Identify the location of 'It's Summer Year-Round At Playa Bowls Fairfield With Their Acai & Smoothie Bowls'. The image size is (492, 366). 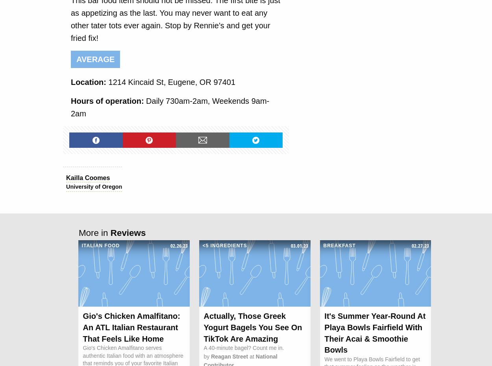
(324, 333).